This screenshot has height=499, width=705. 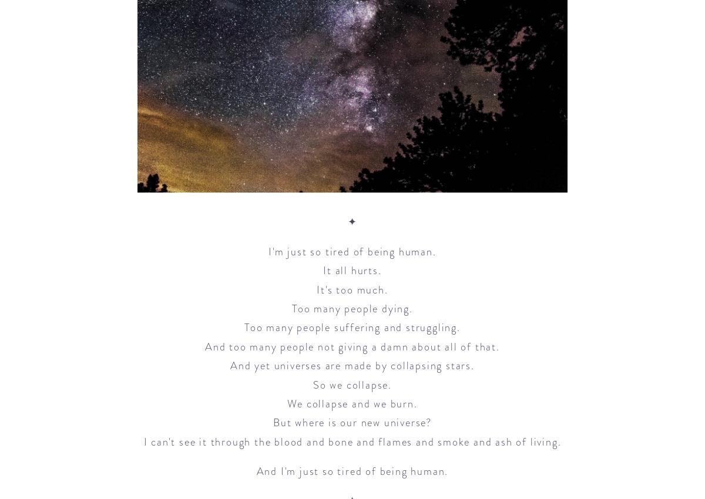 I want to click on 'Too many people suffering and struggling.', so click(x=351, y=328).